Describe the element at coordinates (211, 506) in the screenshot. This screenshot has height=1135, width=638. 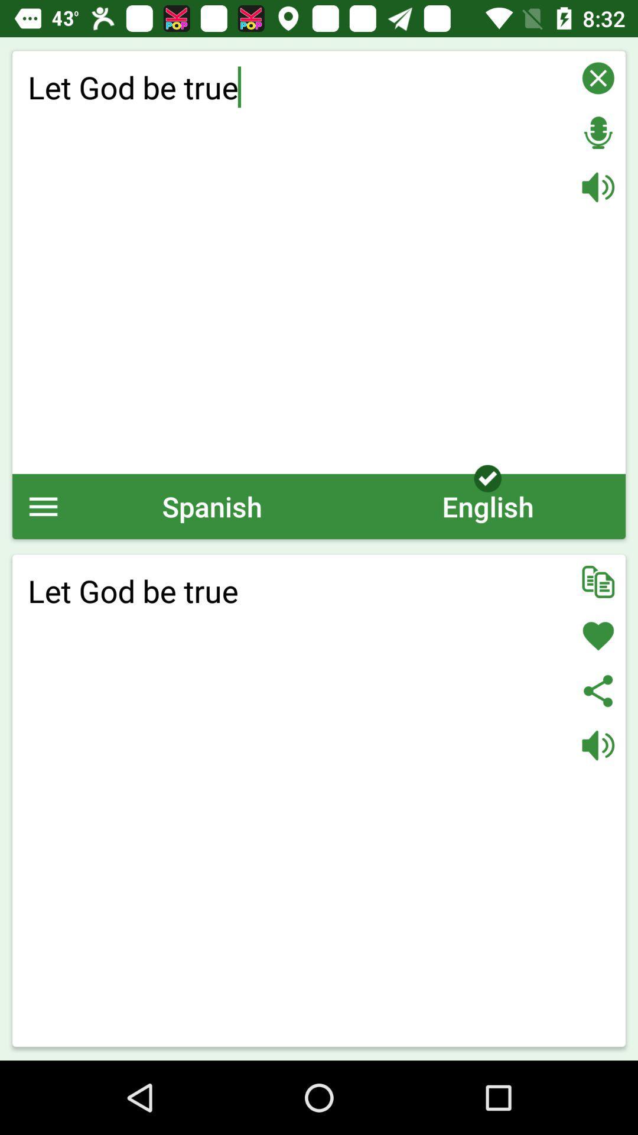
I see `the spanish icon` at that location.